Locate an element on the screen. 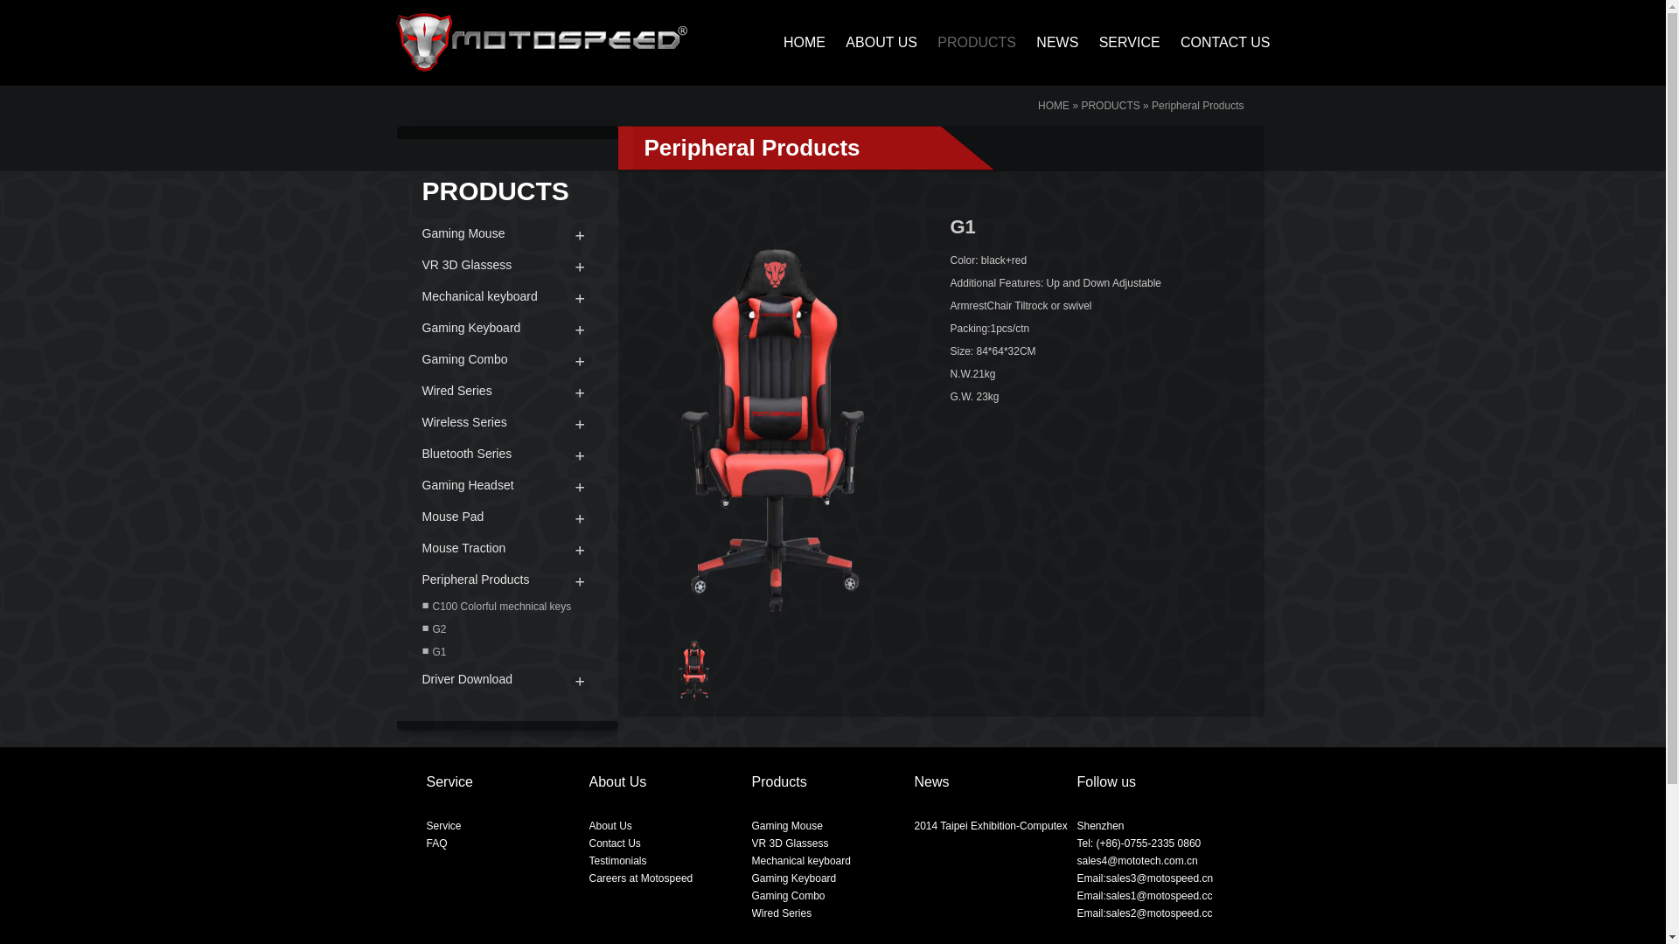  'Bluetooth Series' is located at coordinates (394, 453).